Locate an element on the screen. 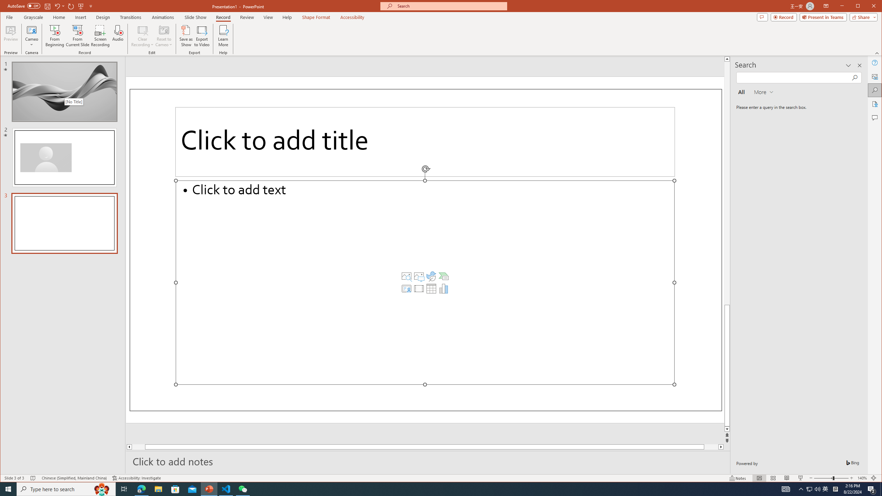 The height and width of the screenshot is (496, 882). 'Content Placeholder' is located at coordinates (424, 282).